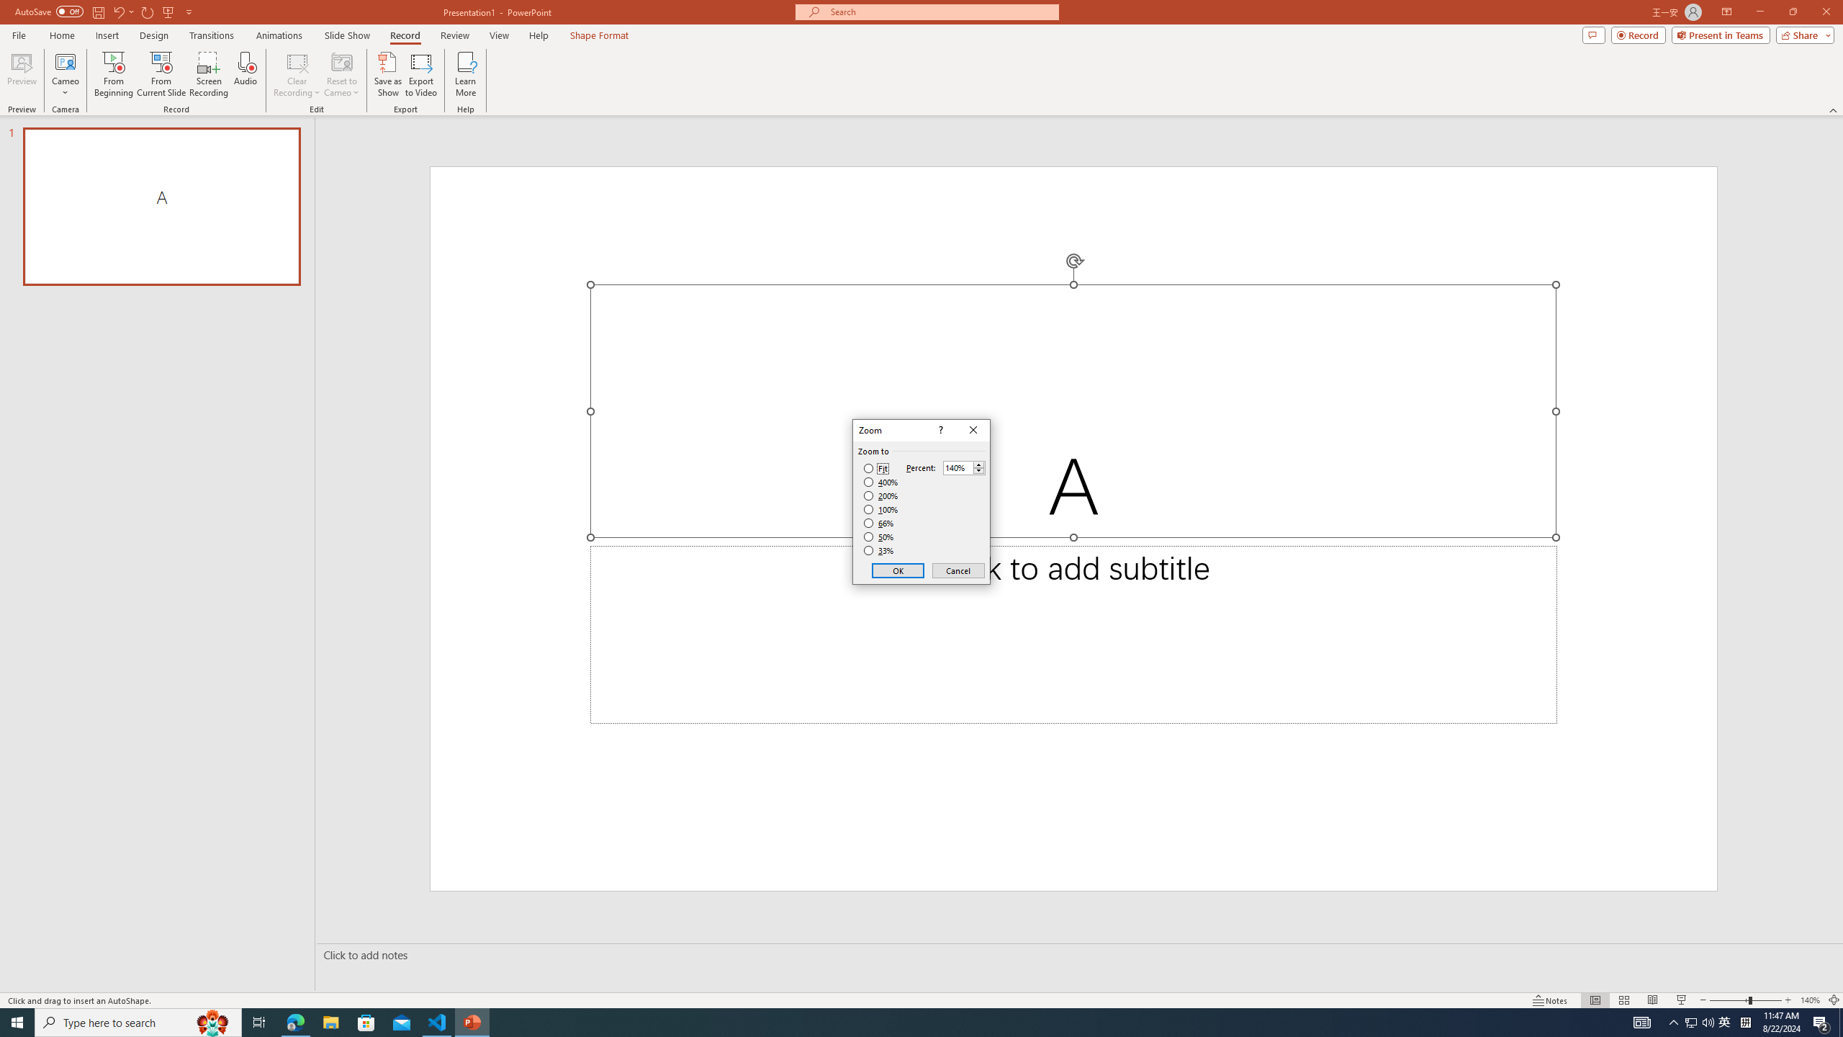  What do you see at coordinates (898, 570) in the screenshot?
I see `'OK'` at bounding box center [898, 570].